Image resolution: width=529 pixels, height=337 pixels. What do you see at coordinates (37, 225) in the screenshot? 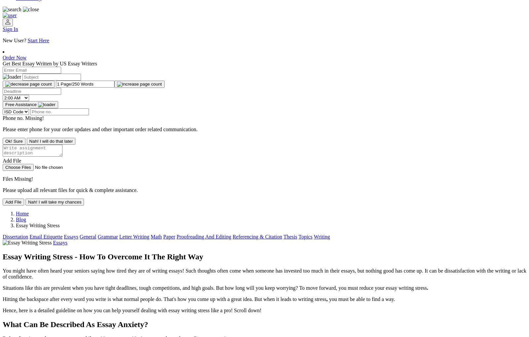
I see `'Essay Writing Stress'` at bounding box center [37, 225].